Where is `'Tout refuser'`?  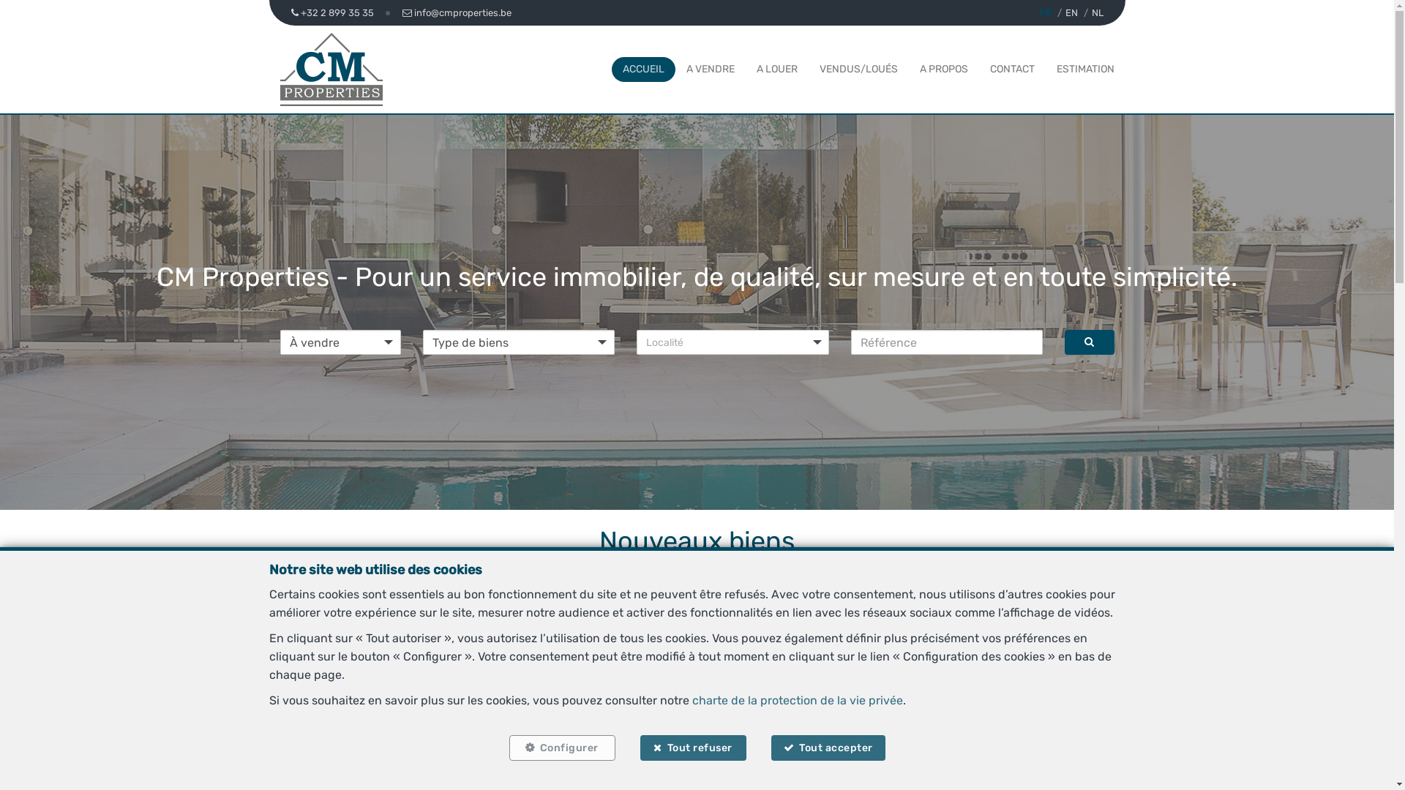 'Tout refuser' is located at coordinates (639, 748).